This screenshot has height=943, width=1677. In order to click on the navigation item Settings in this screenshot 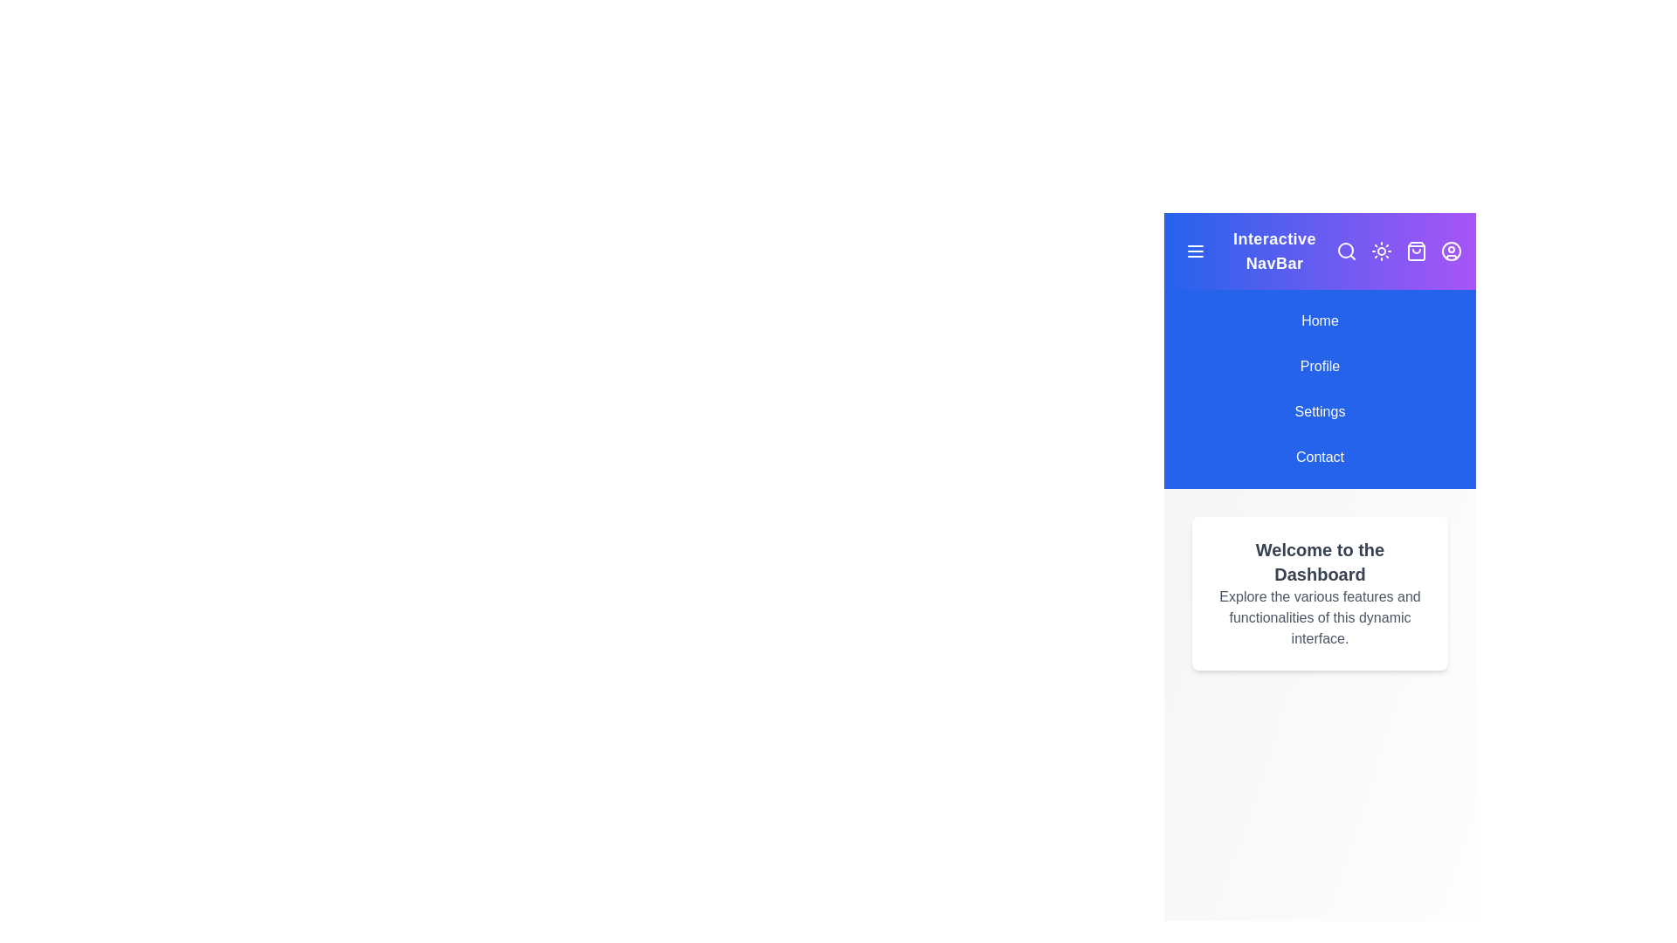, I will do `click(1320, 411)`.